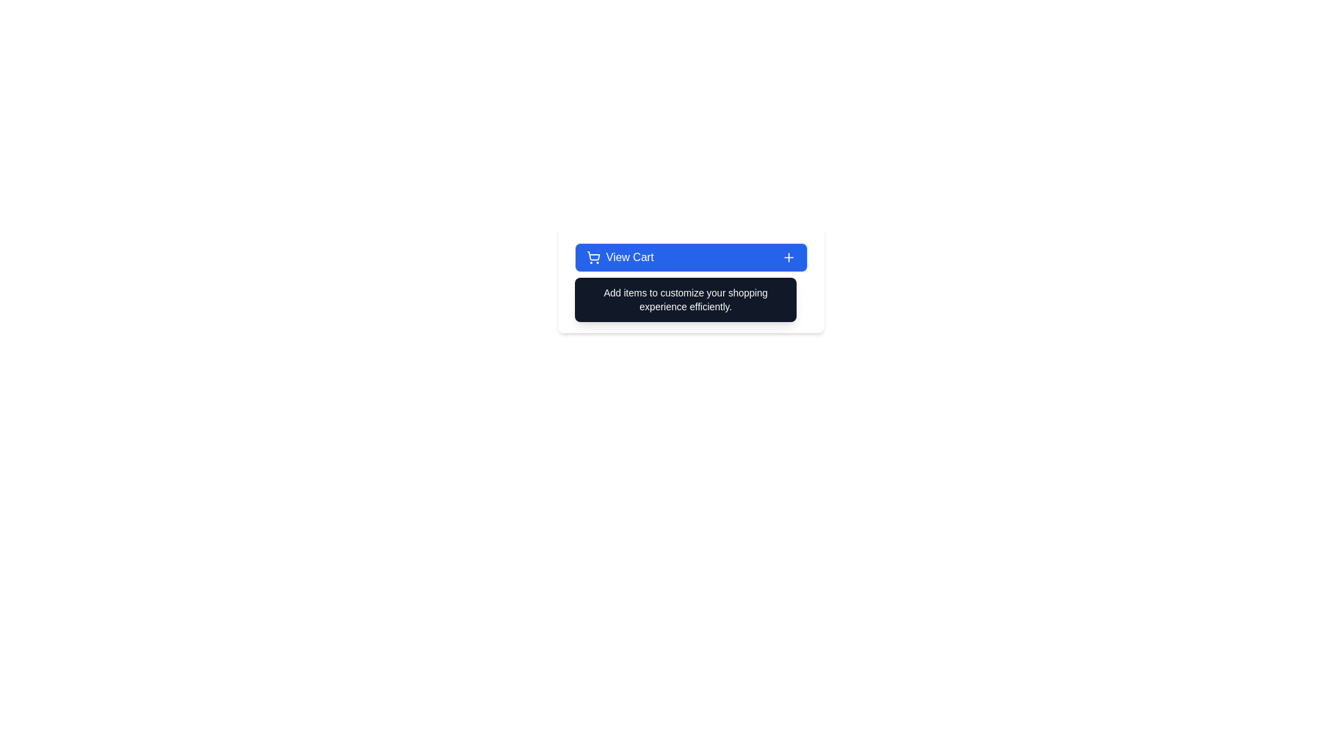  Describe the element at coordinates (788, 257) in the screenshot. I see `the 'plus' icon, which is a white cross shape on a blue background, located at the extreme right side of the 'View Cart' button` at that location.